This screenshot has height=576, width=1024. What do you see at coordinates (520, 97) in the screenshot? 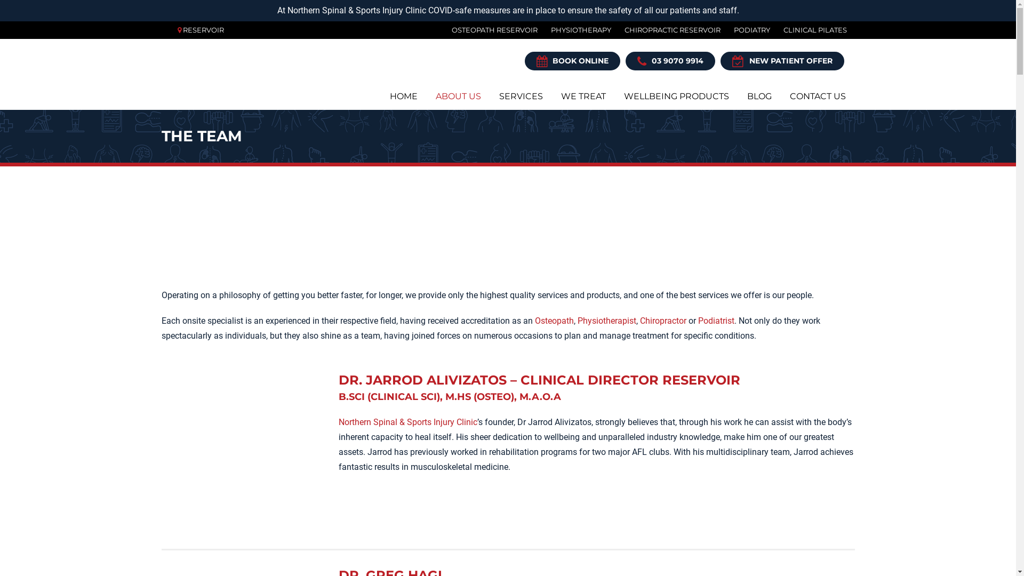
I see `'SERVICES'` at bounding box center [520, 97].